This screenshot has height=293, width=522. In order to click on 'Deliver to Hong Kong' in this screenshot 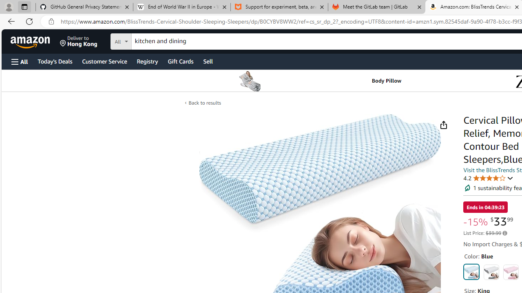, I will do `click(79, 41)`.